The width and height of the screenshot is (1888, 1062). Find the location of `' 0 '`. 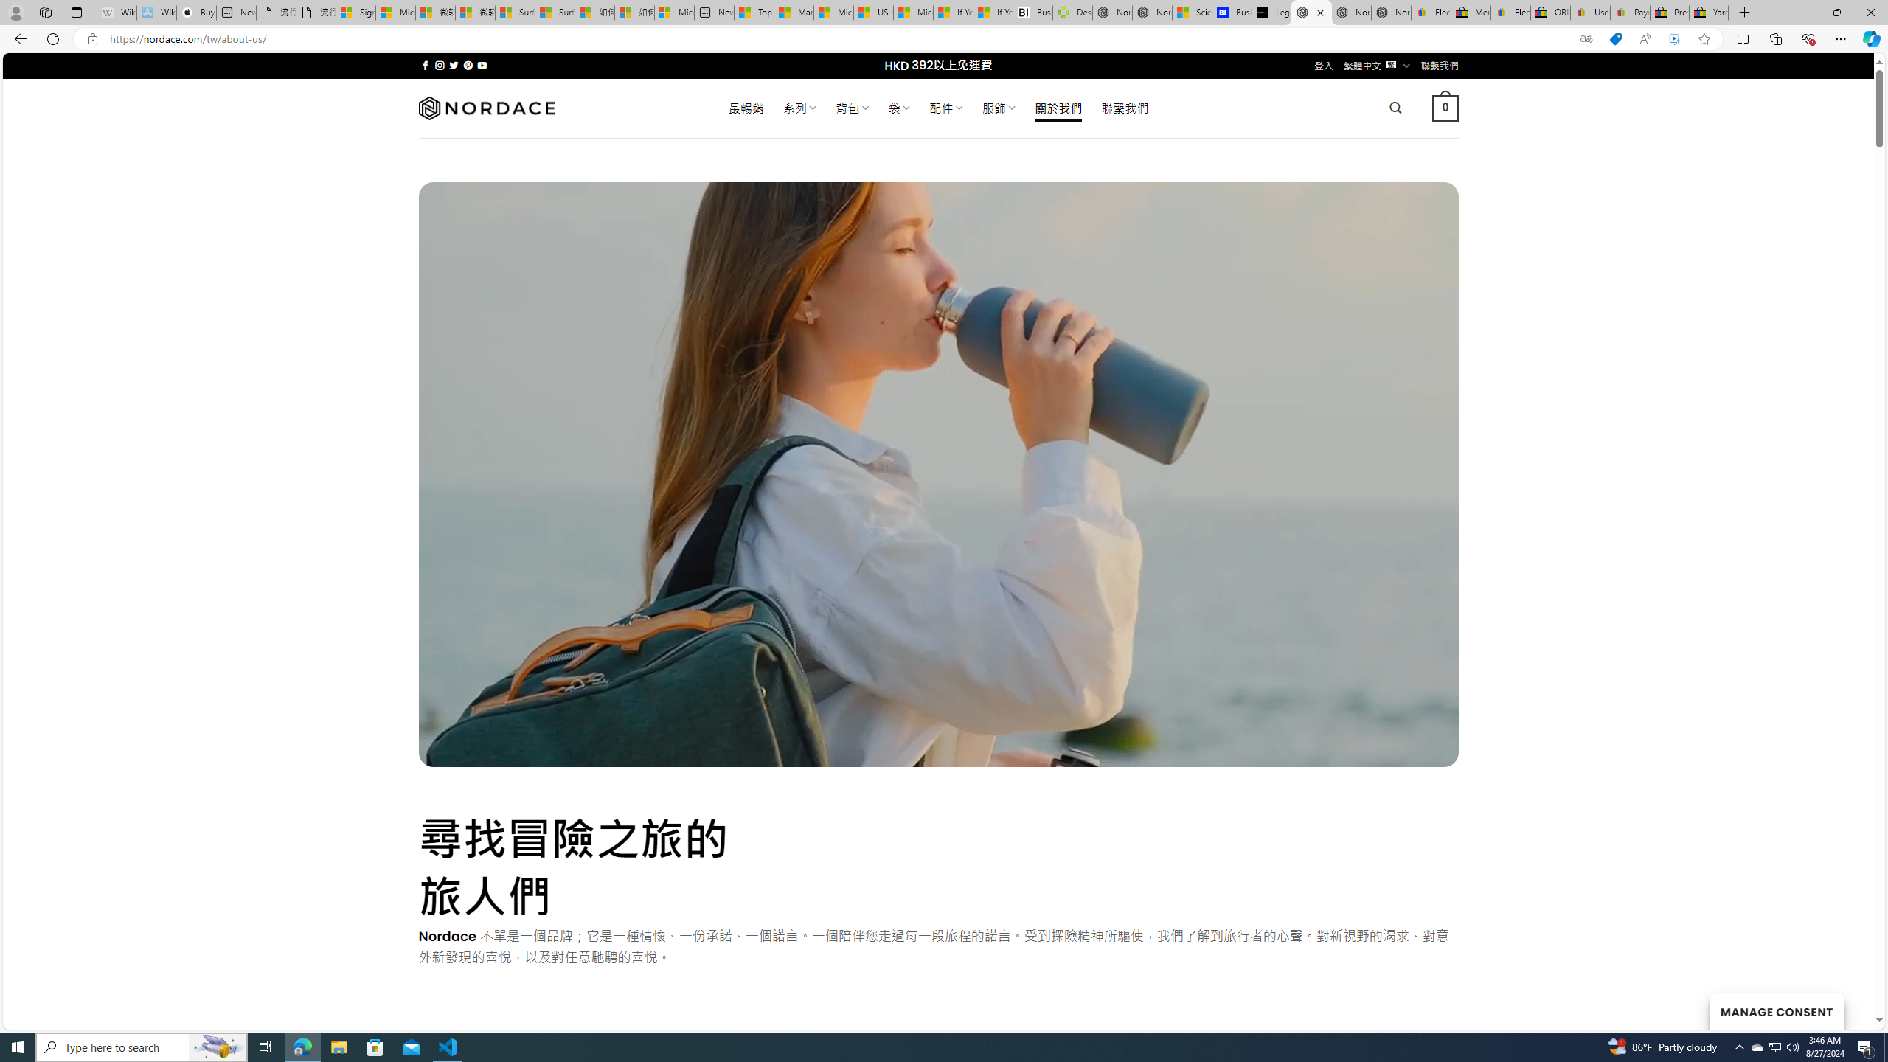

' 0 ' is located at coordinates (1445, 107).